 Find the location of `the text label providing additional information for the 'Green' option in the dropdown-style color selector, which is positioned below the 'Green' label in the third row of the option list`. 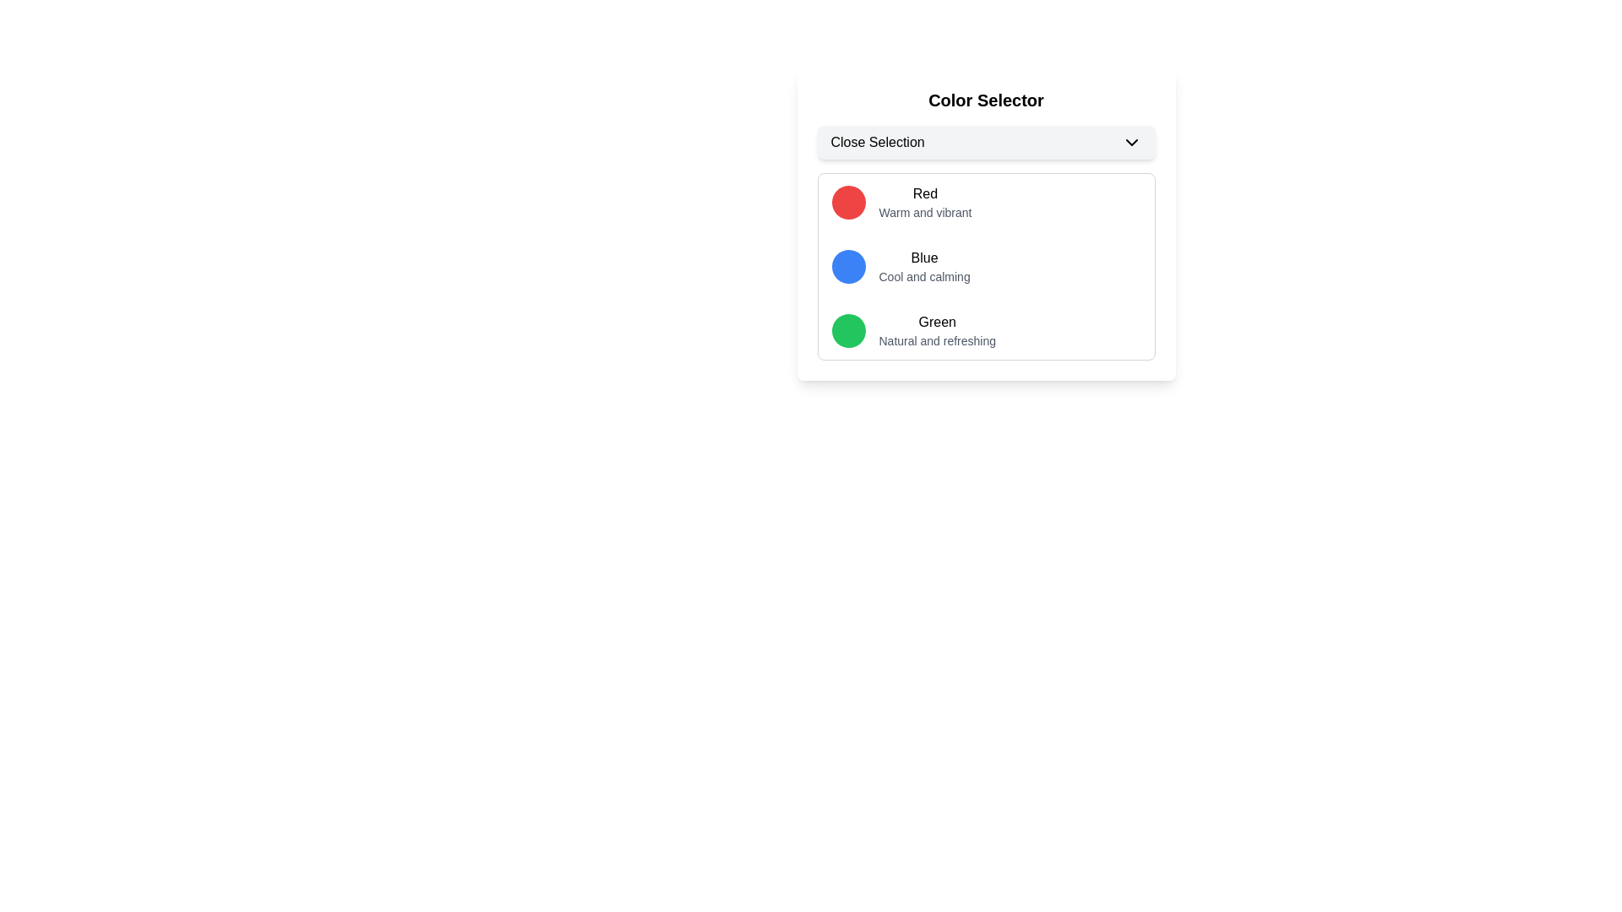

the text label providing additional information for the 'Green' option in the dropdown-style color selector, which is positioned below the 'Green' label in the third row of the option list is located at coordinates (936, 341).